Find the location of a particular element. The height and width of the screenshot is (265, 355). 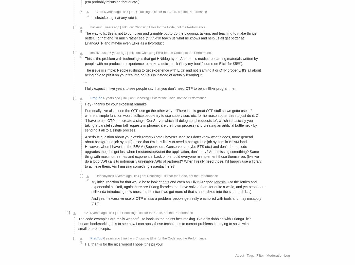

'And yeah, excessive use of OTP is also a problem–people get really enamored with tools and may misapply them.' is located at coordinates (176, 200).